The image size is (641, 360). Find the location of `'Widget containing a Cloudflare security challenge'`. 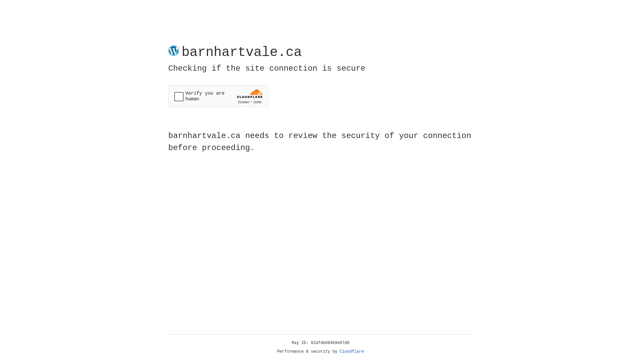

'Widget containing a Cloudflare security challenge' is located at coordinates (218, 96).